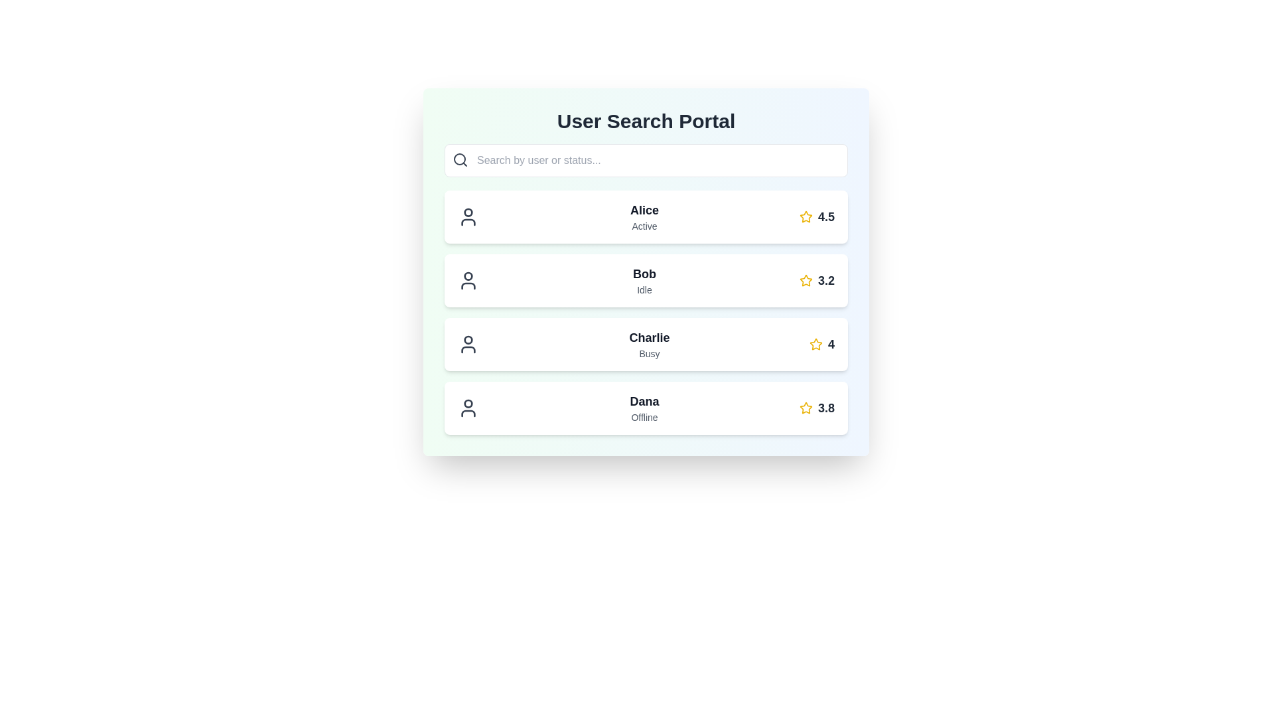  What do you see at coordinates (644, 407) in the screenshot?
I see `displayed text in the Text block that shows the user's name and current status, located in the fourth row of the user list, between an avatar icon and a rating value` at bounding box center [644, 407].